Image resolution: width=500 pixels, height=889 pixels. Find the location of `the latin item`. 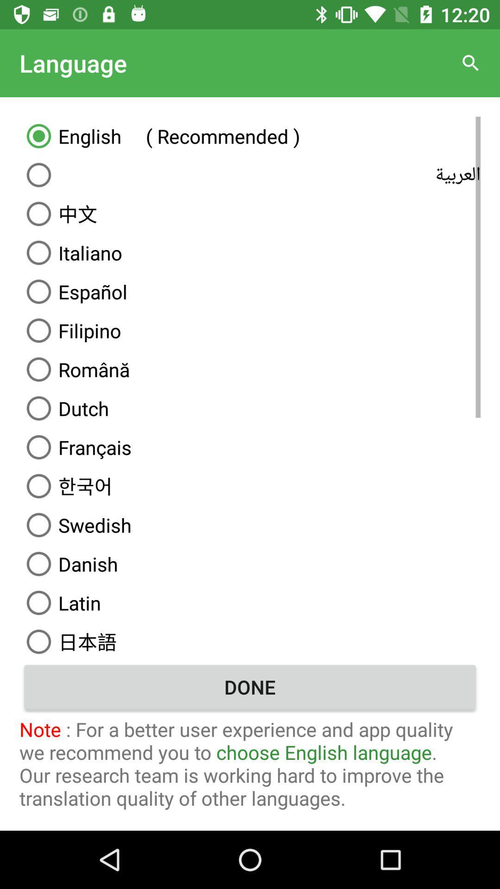

the latin item is located at coordinates (250, 602).